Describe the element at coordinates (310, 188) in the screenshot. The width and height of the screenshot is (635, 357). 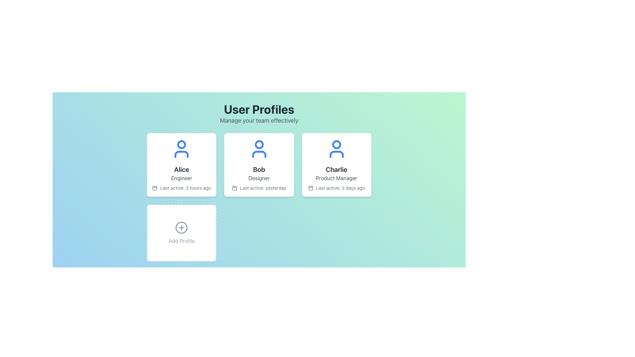
I see `the calendar component icon located at the bottom left corner of Charlie's user profile card` at that location.